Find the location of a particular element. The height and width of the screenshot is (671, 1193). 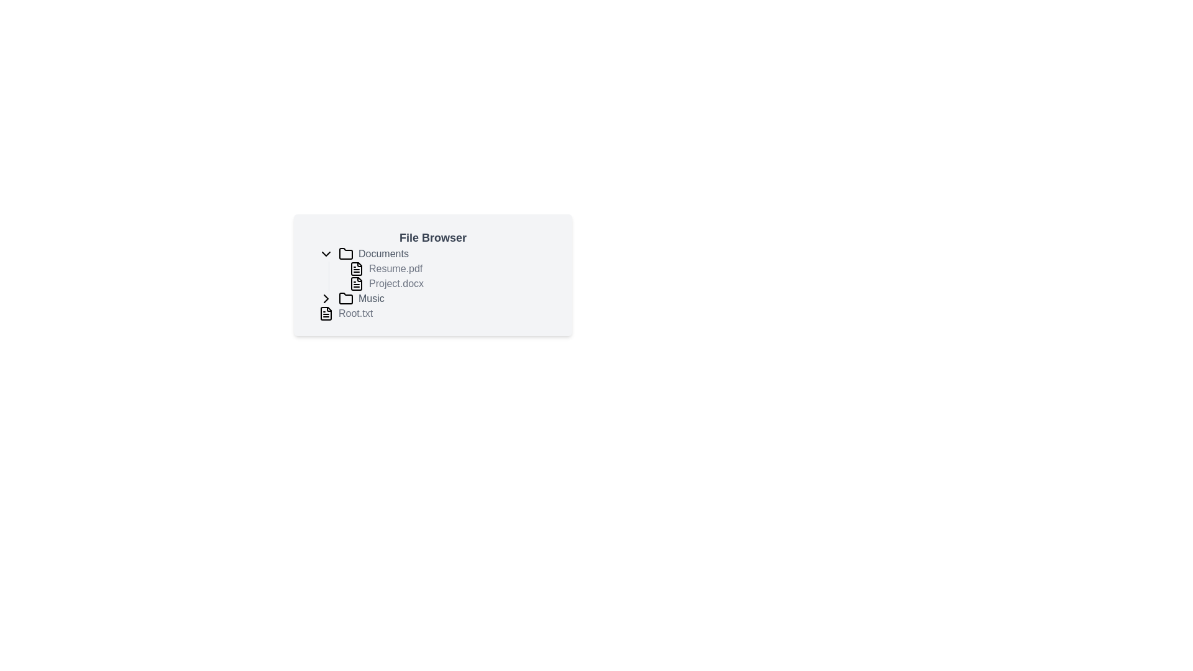

the folder icon with rounded edges and a grayscale theme, located next to the text 'Music' is located at coordinates (345, 299).